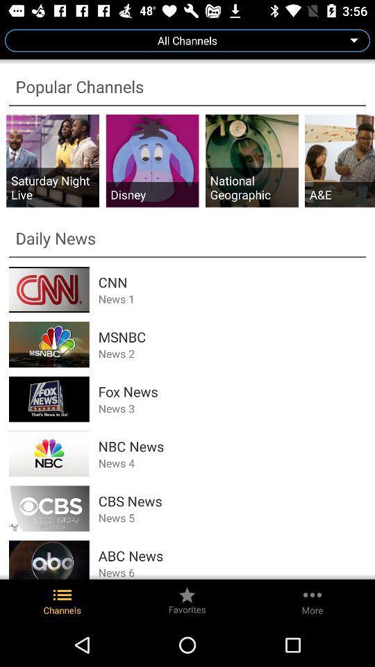 The height and width of the screenshot is (667, 375). I want to click on the icon below the cnn icon, so click(232, 299).